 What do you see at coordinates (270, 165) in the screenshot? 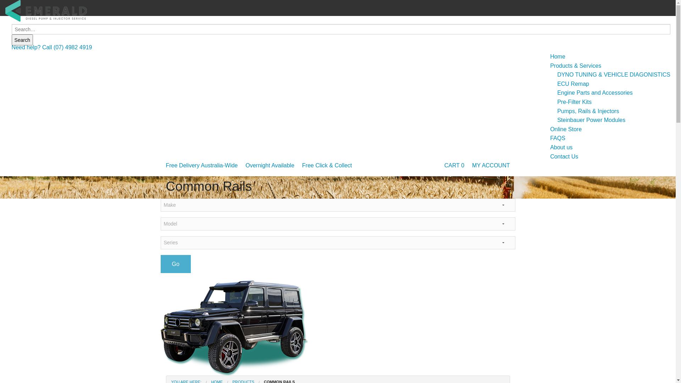
I see `'Overnight Available'` at bounding box center [270, 165].